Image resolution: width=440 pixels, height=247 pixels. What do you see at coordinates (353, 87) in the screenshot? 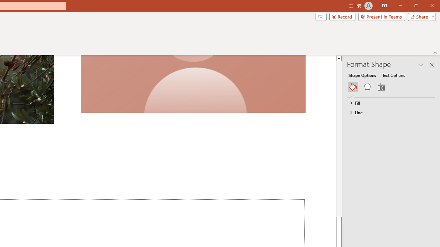
I see `'Fill & Line'` at bounding box center [353, 87].